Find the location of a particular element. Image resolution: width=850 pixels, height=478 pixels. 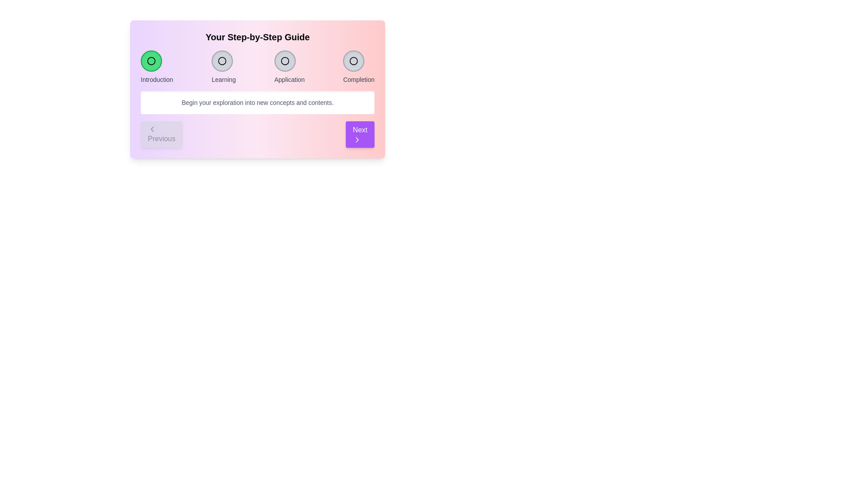

the active 'Introduction' step in the progress indicator which is the first of four steps in a sequential guide is located at coordinates (157, 66).